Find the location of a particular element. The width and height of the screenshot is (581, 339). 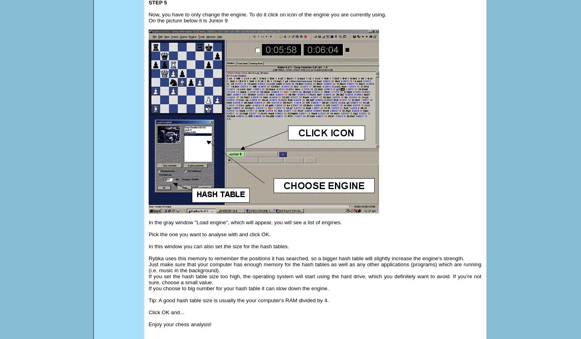

'In the gray window "Load engine", which will appear, you will see a list of engines.' is located at coordinates (244, 222).